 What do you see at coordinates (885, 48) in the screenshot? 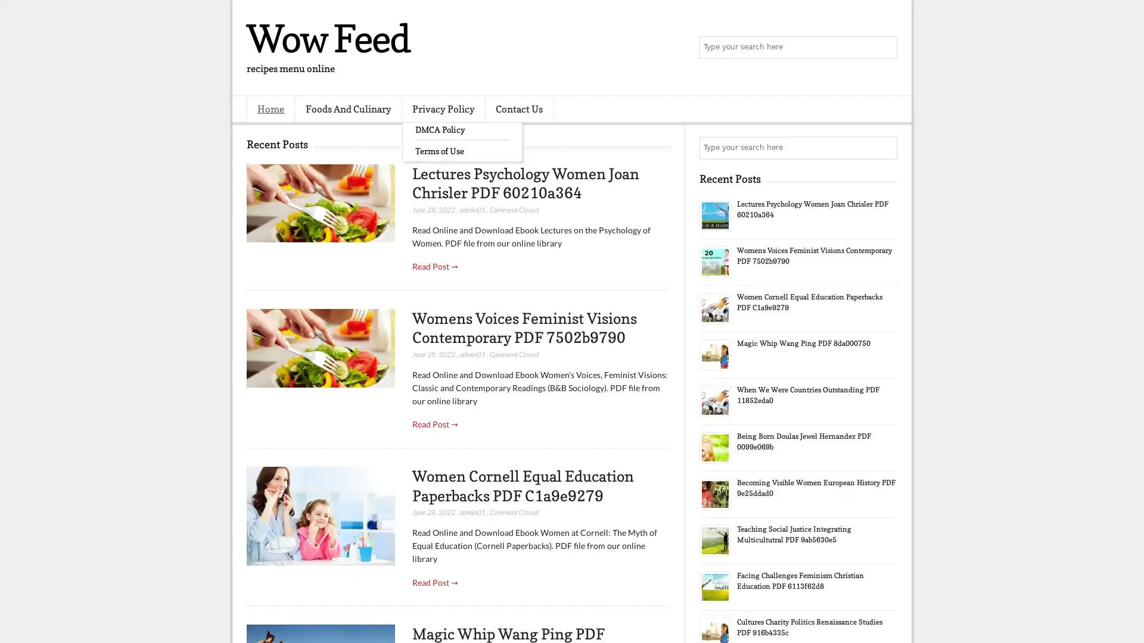
I see `Search` at bounding box center [885, 48].